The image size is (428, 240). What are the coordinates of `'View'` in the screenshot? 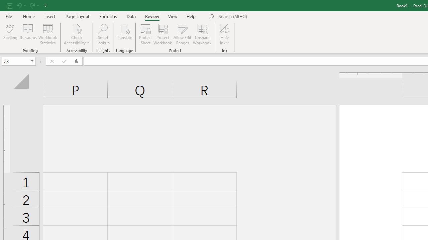 It's located at (173, 16).